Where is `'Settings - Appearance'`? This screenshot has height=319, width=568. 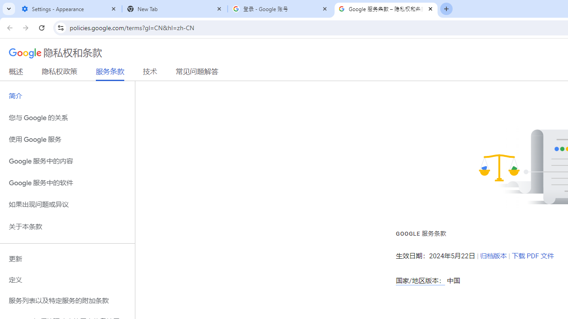
'Settings - Appearance' is located at coordinates (69, 9).